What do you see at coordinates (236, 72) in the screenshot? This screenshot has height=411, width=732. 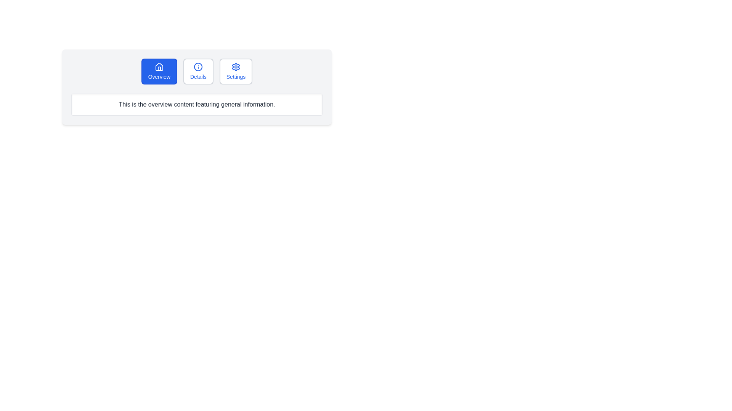 I see `the Settings tab to observe the hover effect` at bounding box center [236, 72].